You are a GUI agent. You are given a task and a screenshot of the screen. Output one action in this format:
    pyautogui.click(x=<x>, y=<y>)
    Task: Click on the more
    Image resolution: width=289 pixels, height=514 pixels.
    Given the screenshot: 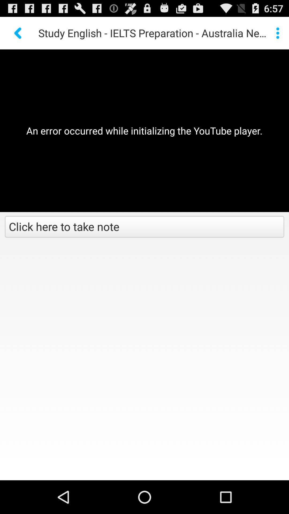 What is the action you would take?
    pyautogui.click(x=277, y=33)
    